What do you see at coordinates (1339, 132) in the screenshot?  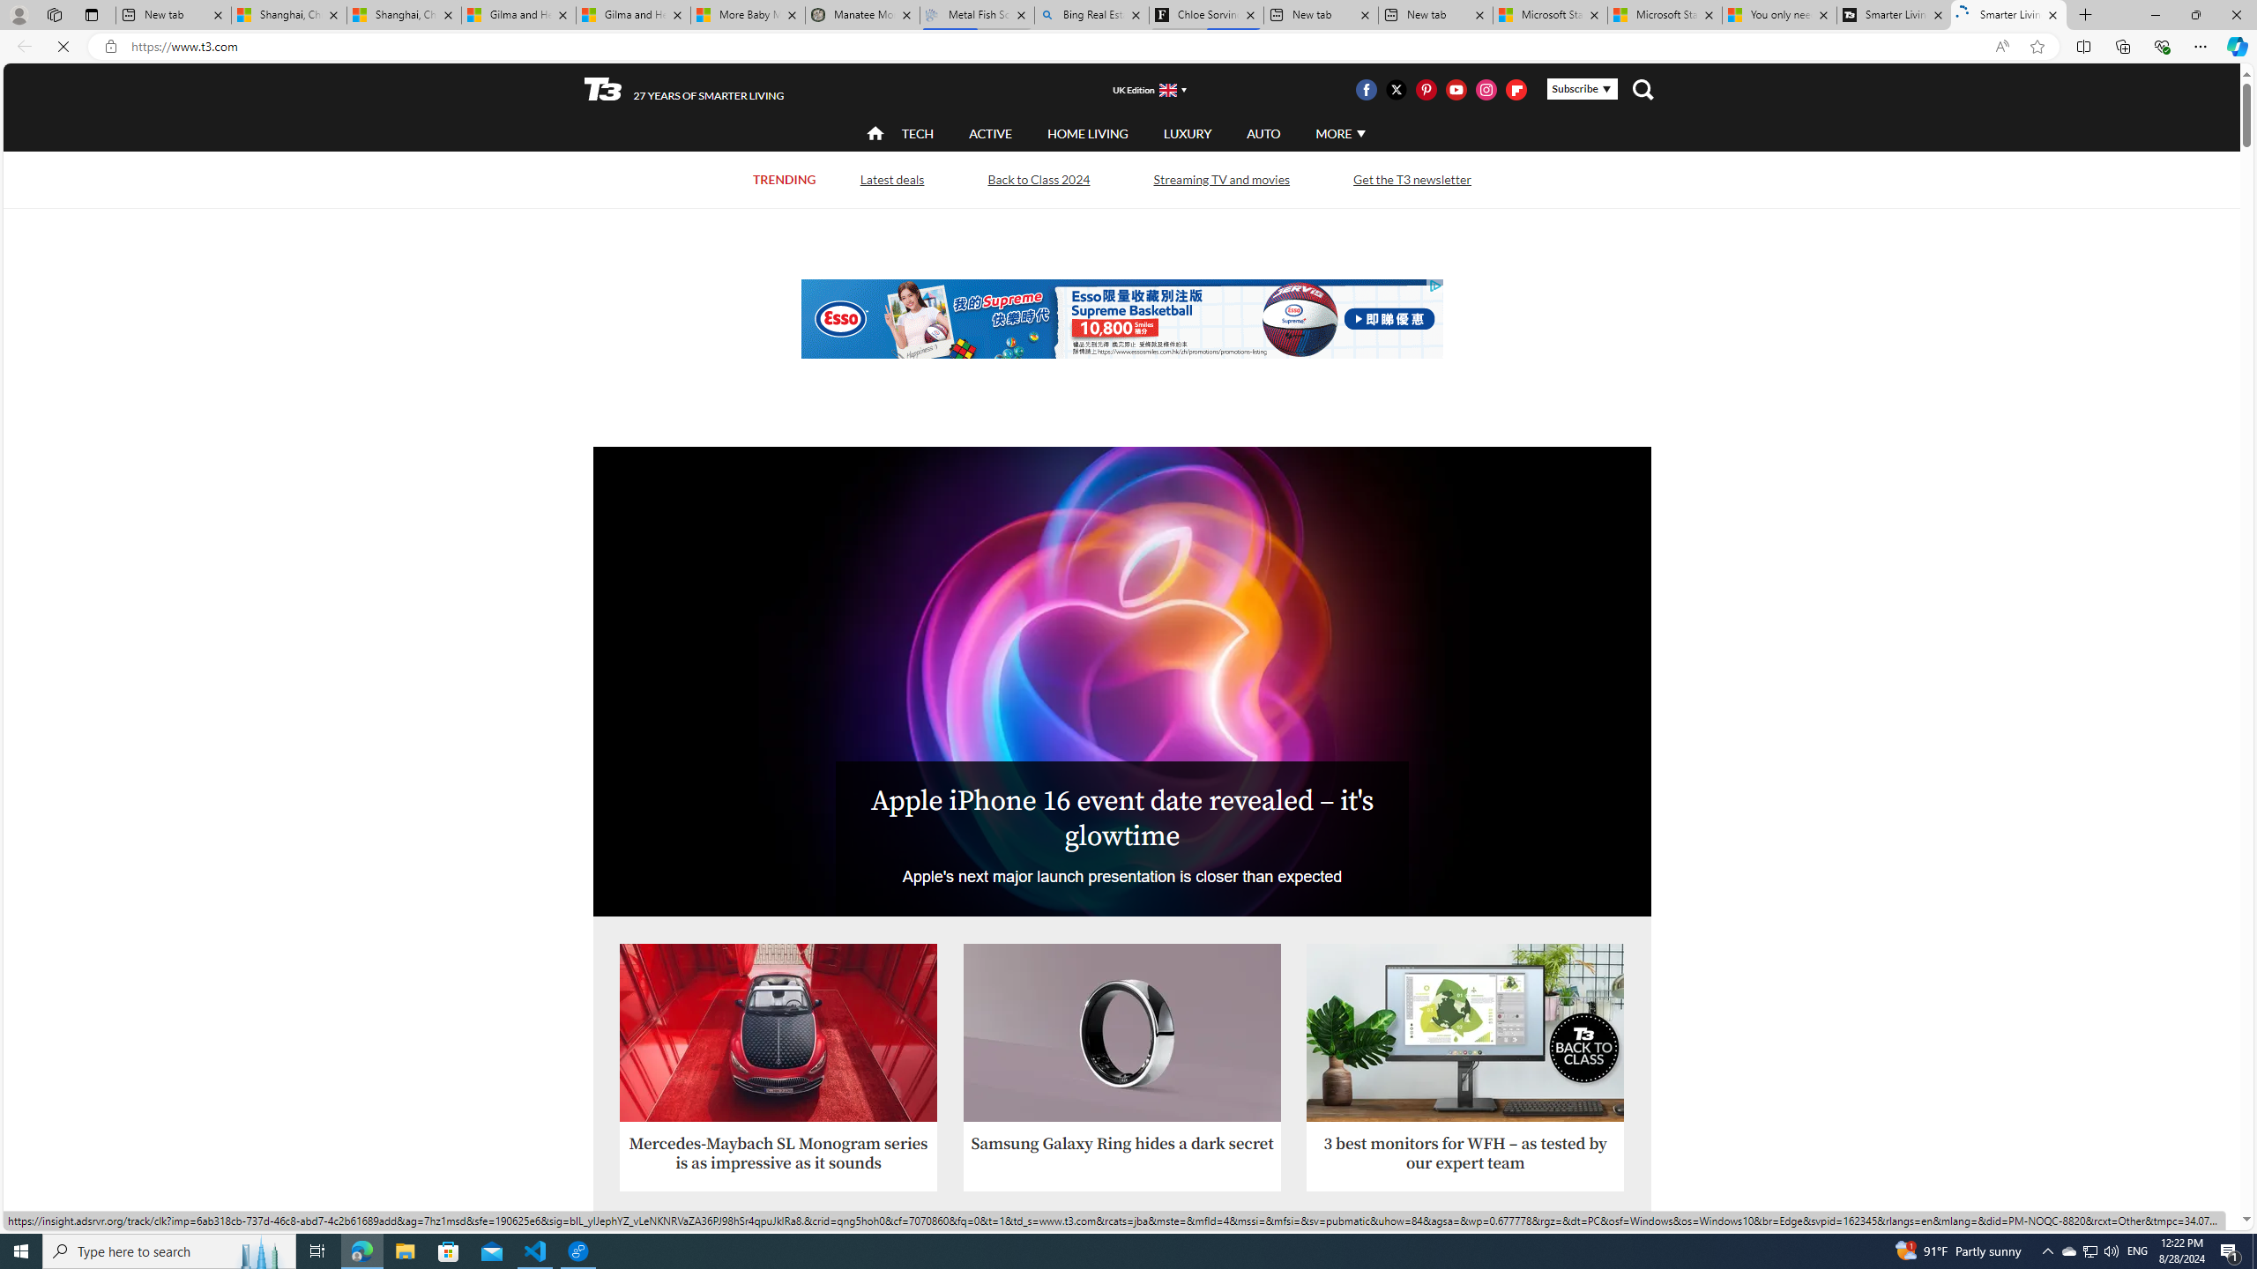 I see `'MORE '` at bounding box center [1339, 132].